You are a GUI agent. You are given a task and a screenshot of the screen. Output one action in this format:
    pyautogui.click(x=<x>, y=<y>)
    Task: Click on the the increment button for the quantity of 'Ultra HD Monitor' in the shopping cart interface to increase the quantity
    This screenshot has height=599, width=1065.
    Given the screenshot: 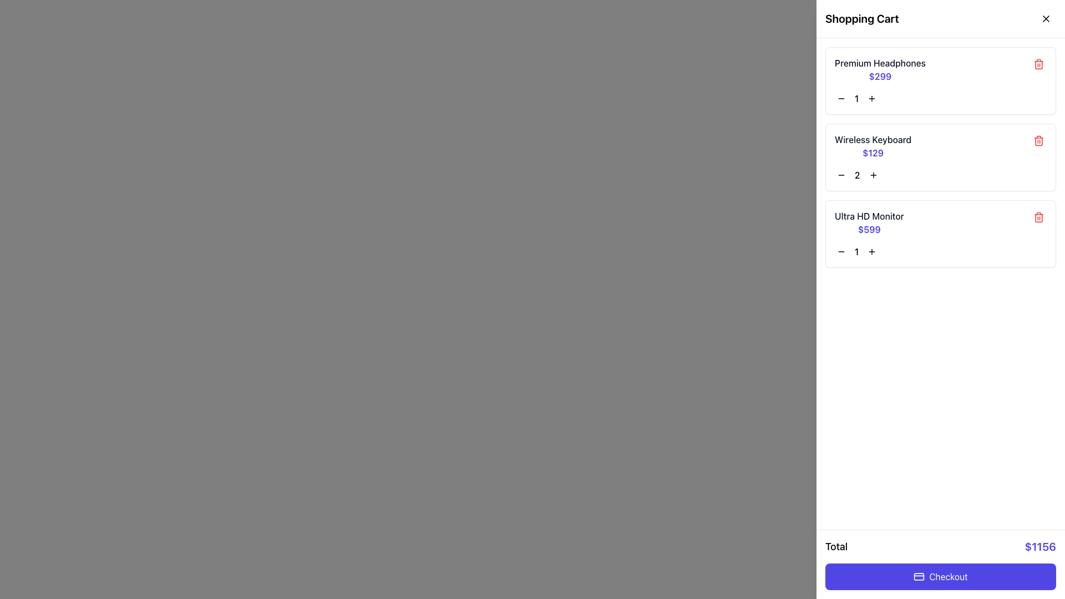 What is the action you would take?
    pyautogui.click(x=871, y=252)
    